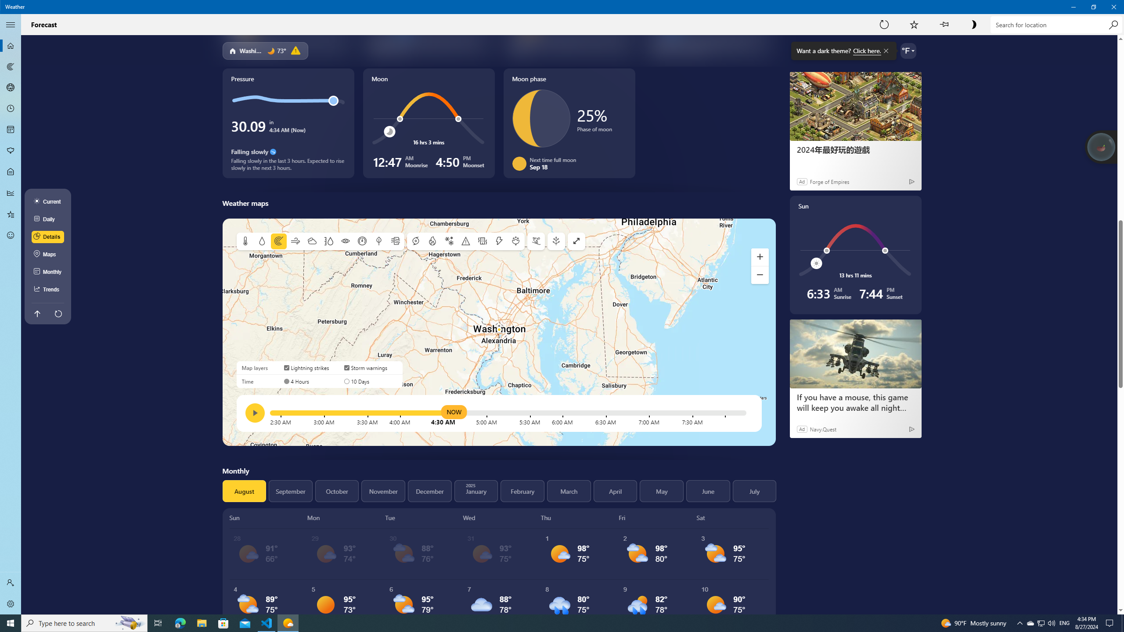  Describe the element at coordinates (11, 192) in the screenshot. I see `'Historical Weather - Not Selected'` at that location.